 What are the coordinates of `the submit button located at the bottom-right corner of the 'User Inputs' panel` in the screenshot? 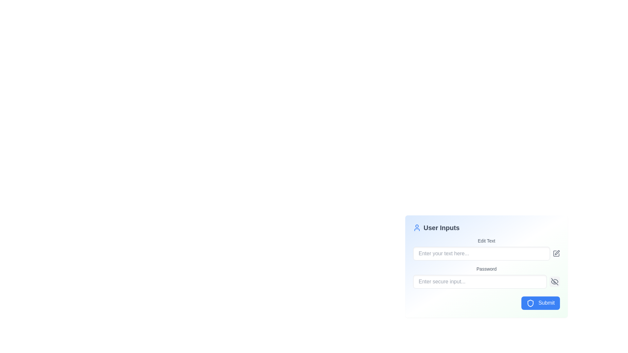 It's located at (540, 303).